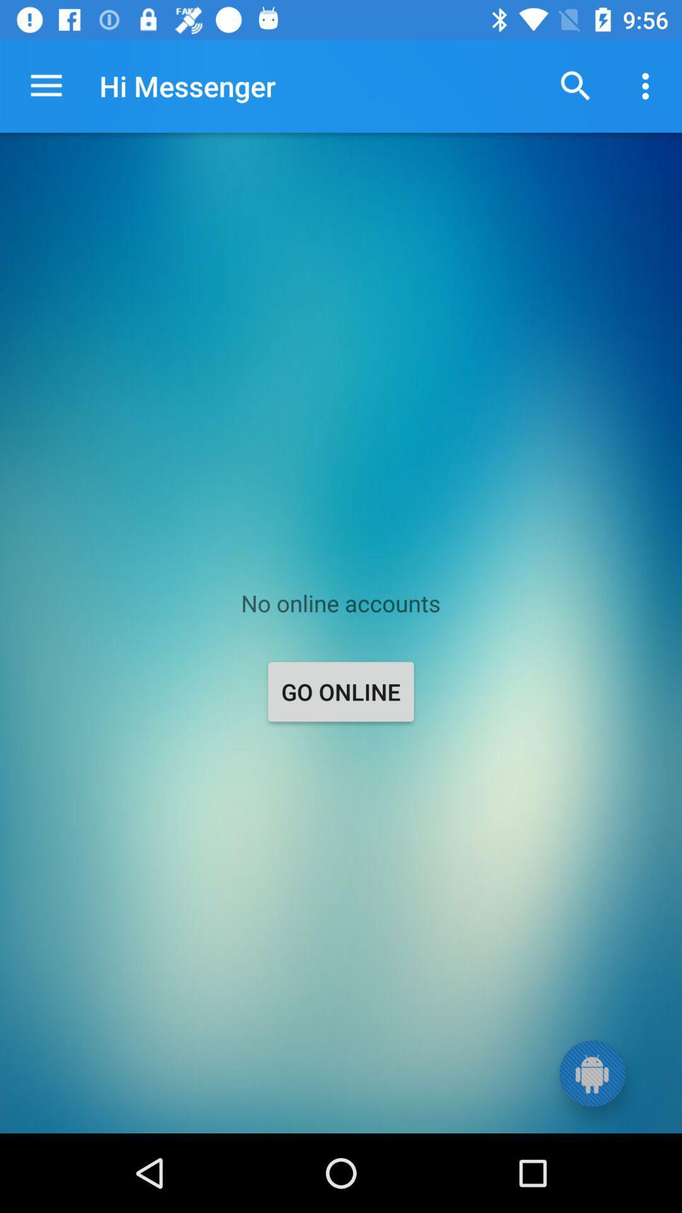 The height and width of the screenshot is (1213, 682). I want to click on icon next to hi messenger app, so click(575, 85).